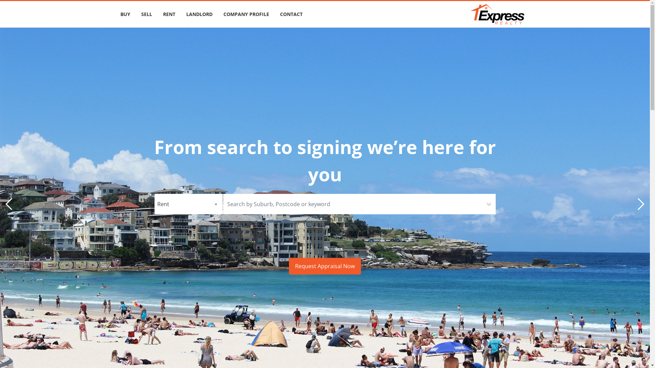 This screenshot has width=655, height=368. Describe the element at coordinates (125, 14) in the screenshot. I see `'BUY'` at that location.